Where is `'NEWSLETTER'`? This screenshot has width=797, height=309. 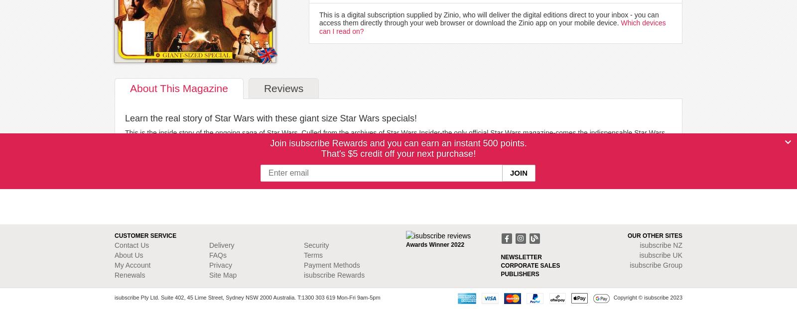
'NEWSLETTER' is located at coordinates (521, 256).